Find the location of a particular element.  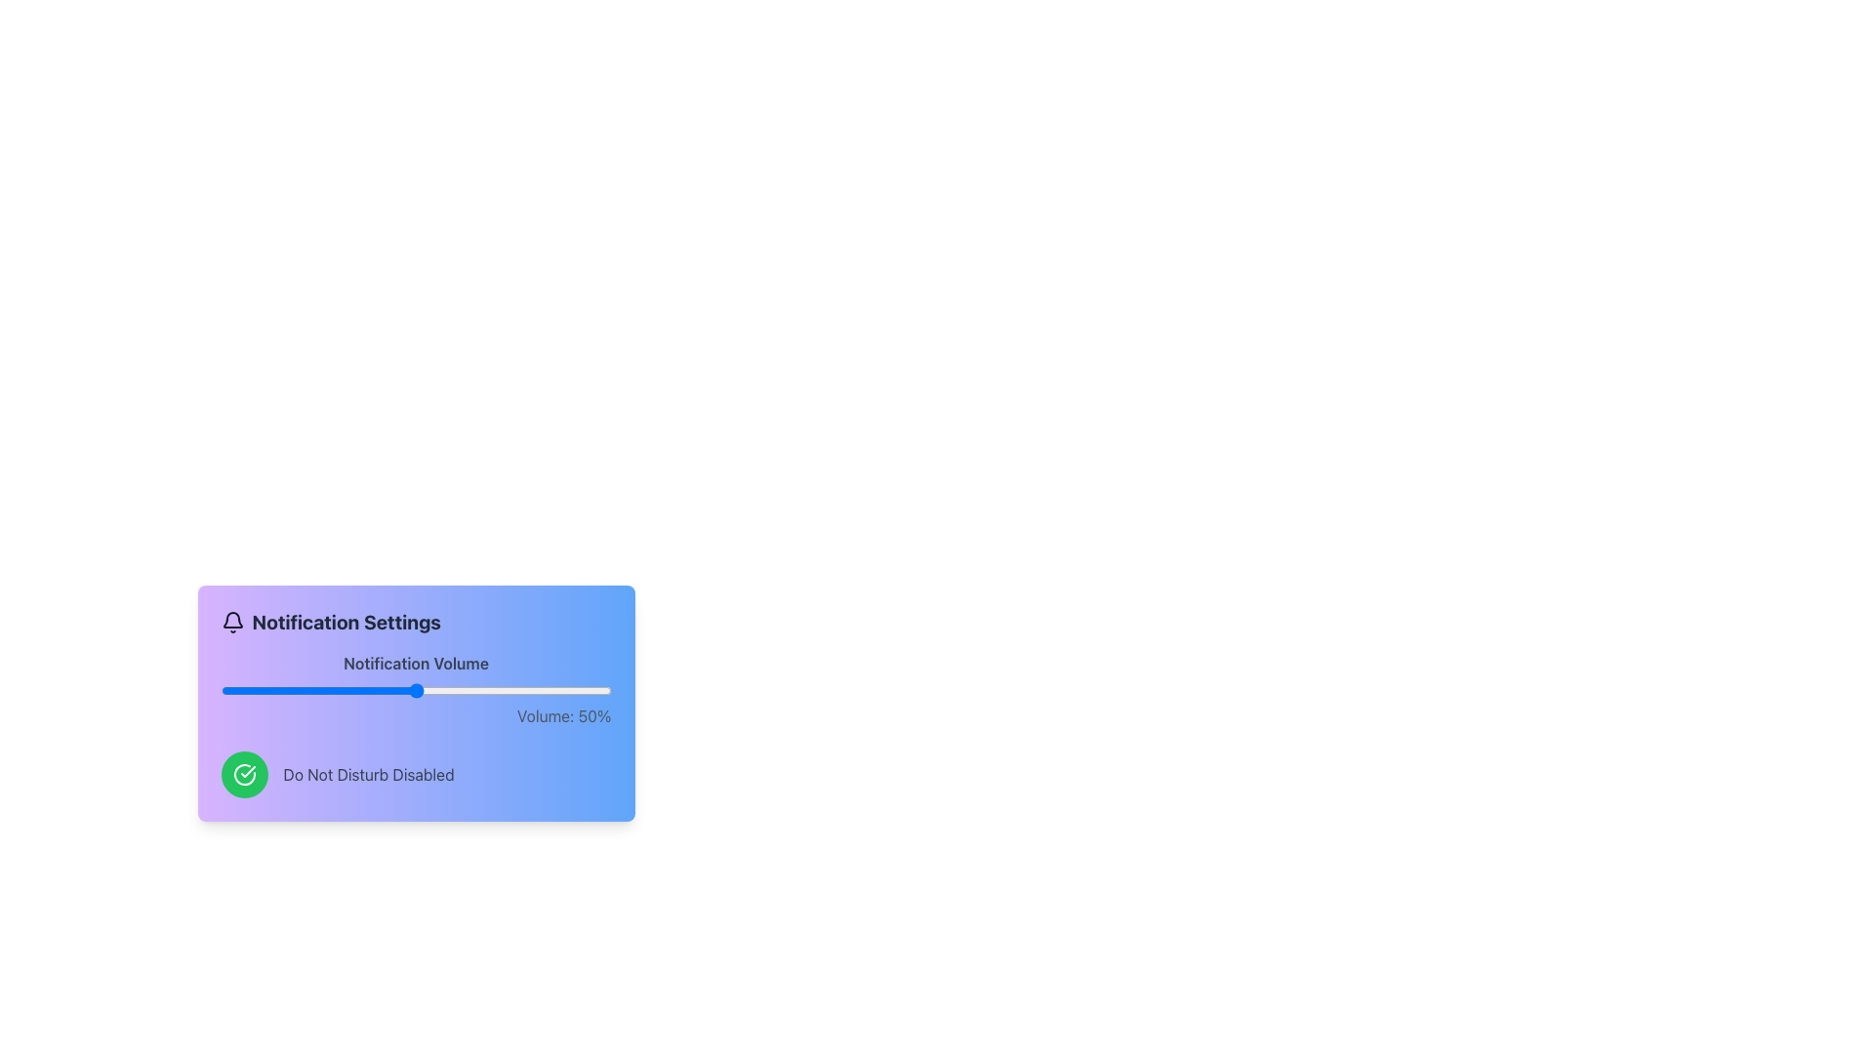

the circular green button with a white checkmark icon, located to the left of the text 'Do Not Disturb Disabled' is located at coordinates (243, 774).